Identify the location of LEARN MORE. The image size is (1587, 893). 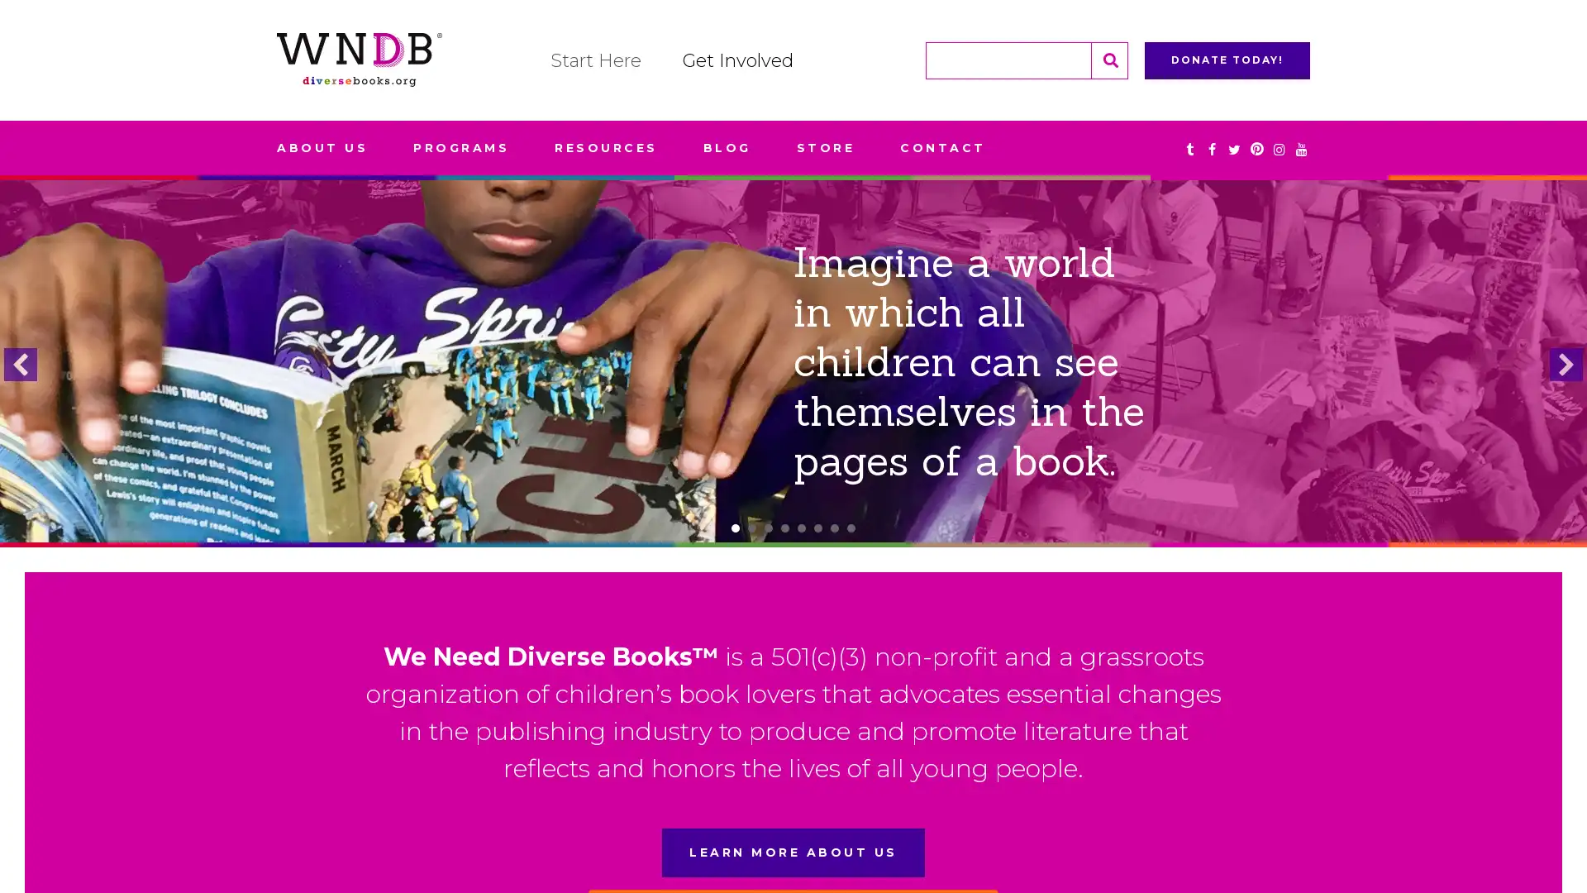
(793, 419).